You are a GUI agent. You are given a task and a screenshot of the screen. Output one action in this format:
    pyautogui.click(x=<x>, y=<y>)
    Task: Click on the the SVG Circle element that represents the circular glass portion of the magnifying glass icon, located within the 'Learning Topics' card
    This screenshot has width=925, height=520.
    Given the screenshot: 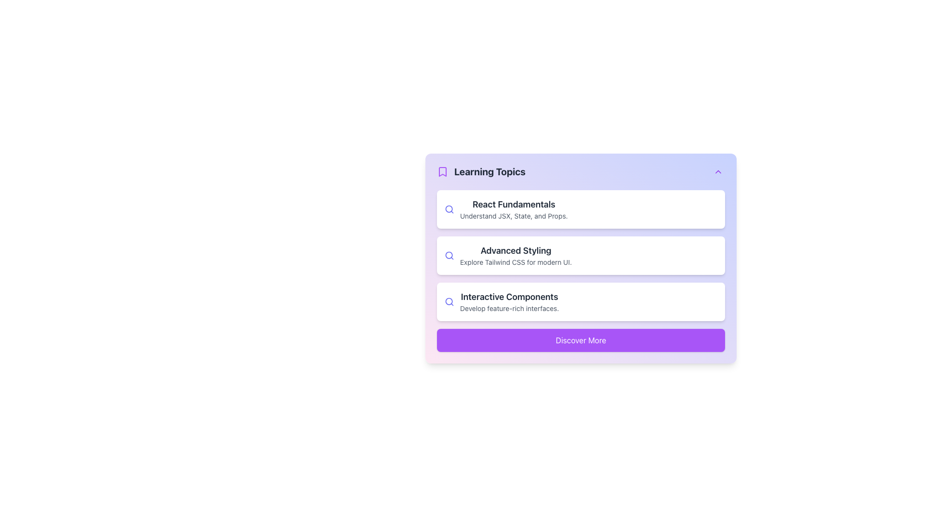 What is the action you would take?
    pyautogui.click(x=449, y=301)
    